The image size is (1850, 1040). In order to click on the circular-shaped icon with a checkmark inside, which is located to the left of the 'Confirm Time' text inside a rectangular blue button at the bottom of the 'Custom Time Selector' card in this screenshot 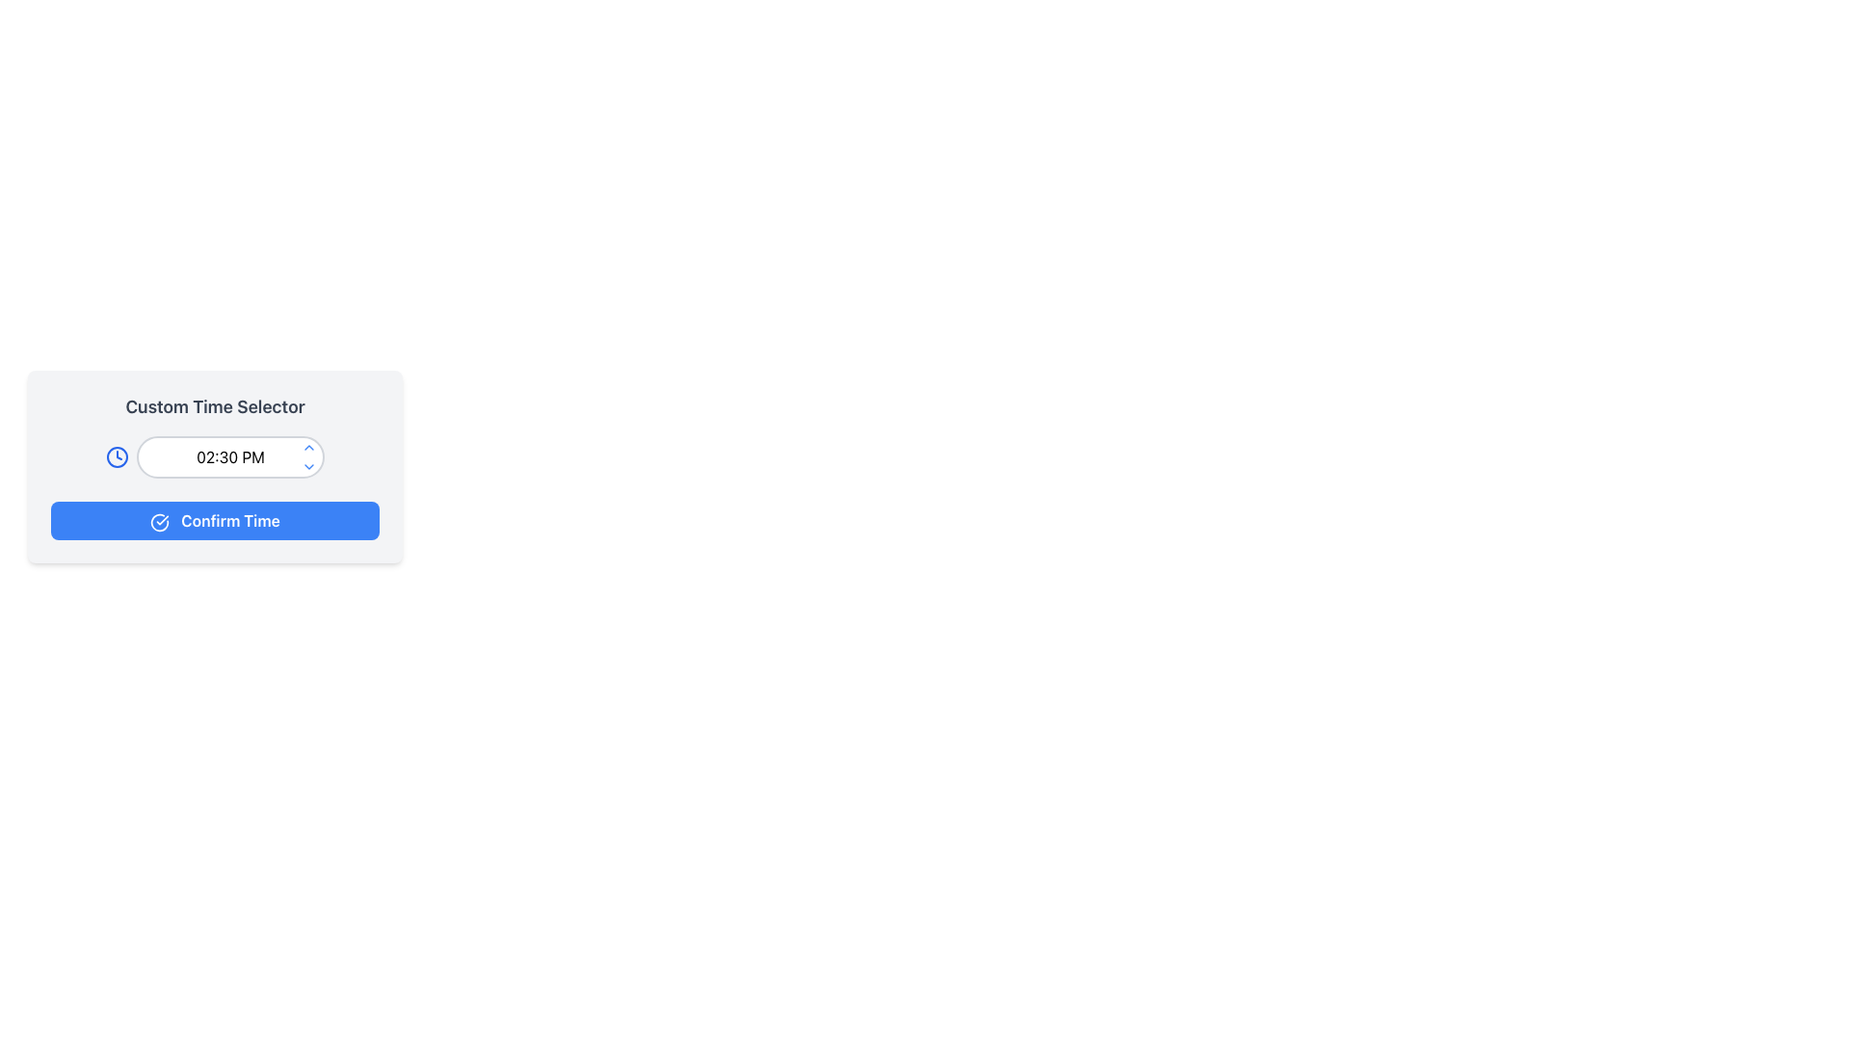, I will do `click(160, 522)`.